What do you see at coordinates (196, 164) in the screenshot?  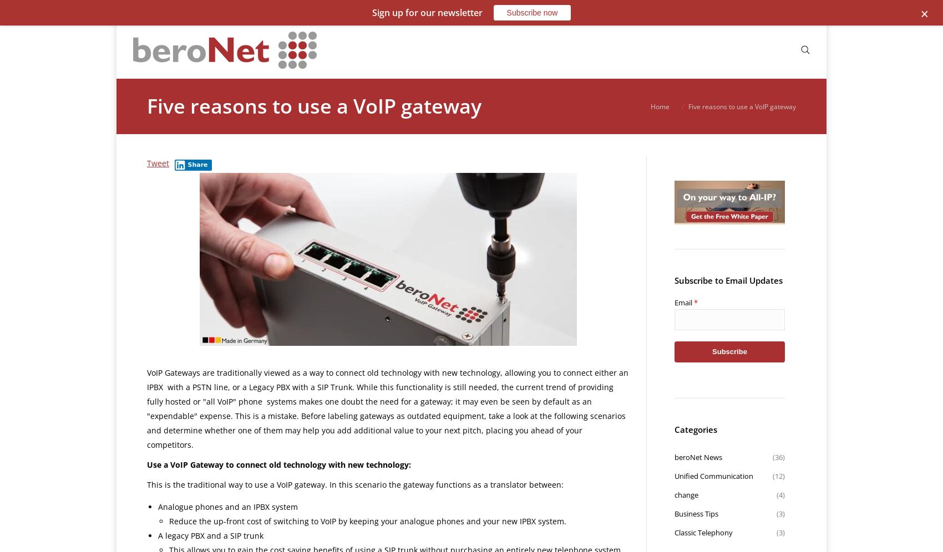 I see `'Share'` at bounding box center [196, 164].